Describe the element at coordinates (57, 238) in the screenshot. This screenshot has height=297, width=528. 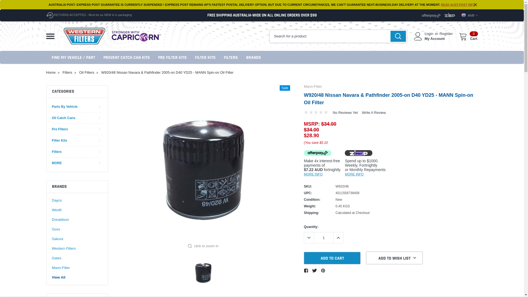
I see `'Sakura'` at that location.